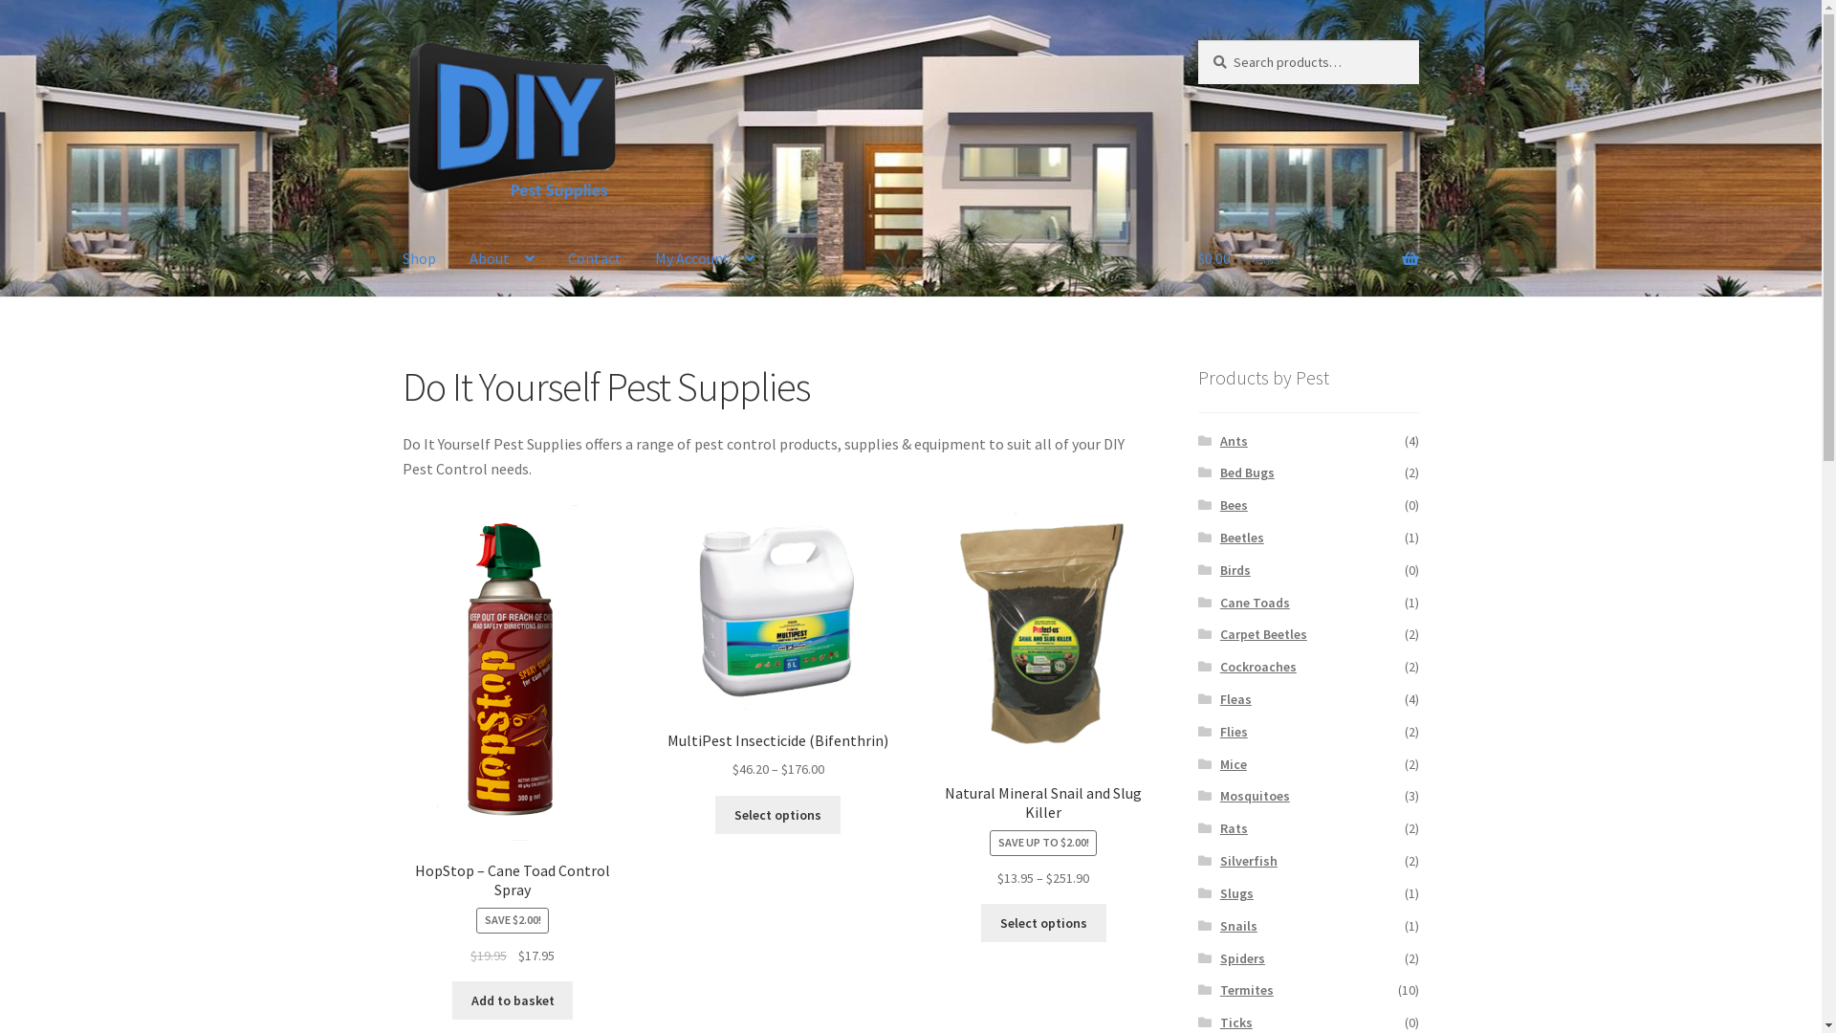  What do you see at coordinates (1042, 921) in the screenshot?
I see `'Select options'` at bounding box center [1042, 921].